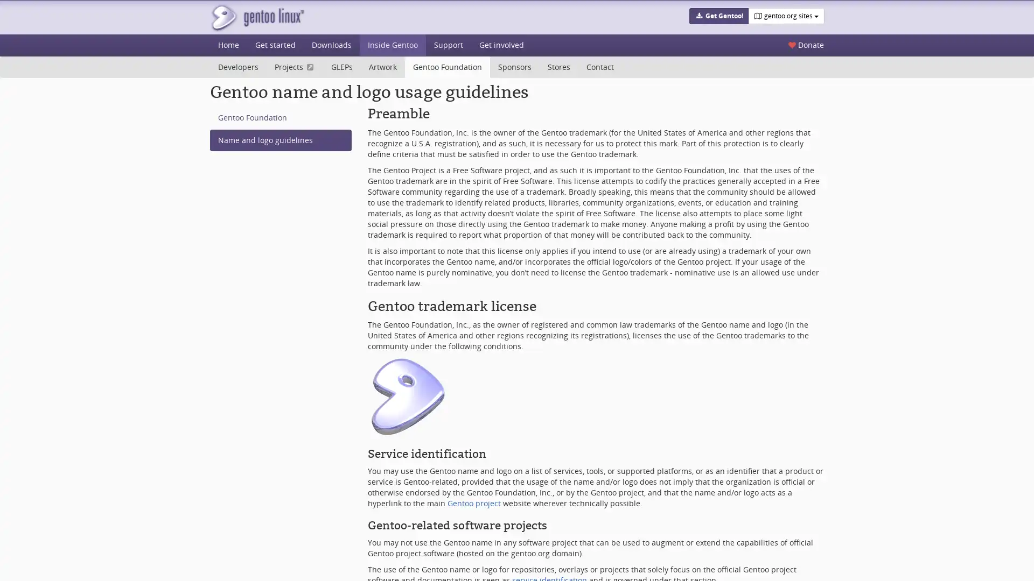  What do you see at coordinates (718, 16) in the screenshot?
I see `Get Gentoo!` at bounding box center [718, 16].